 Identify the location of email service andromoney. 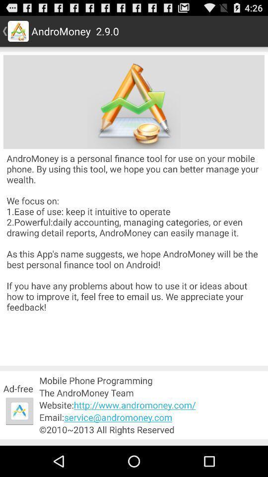
(152, 417).